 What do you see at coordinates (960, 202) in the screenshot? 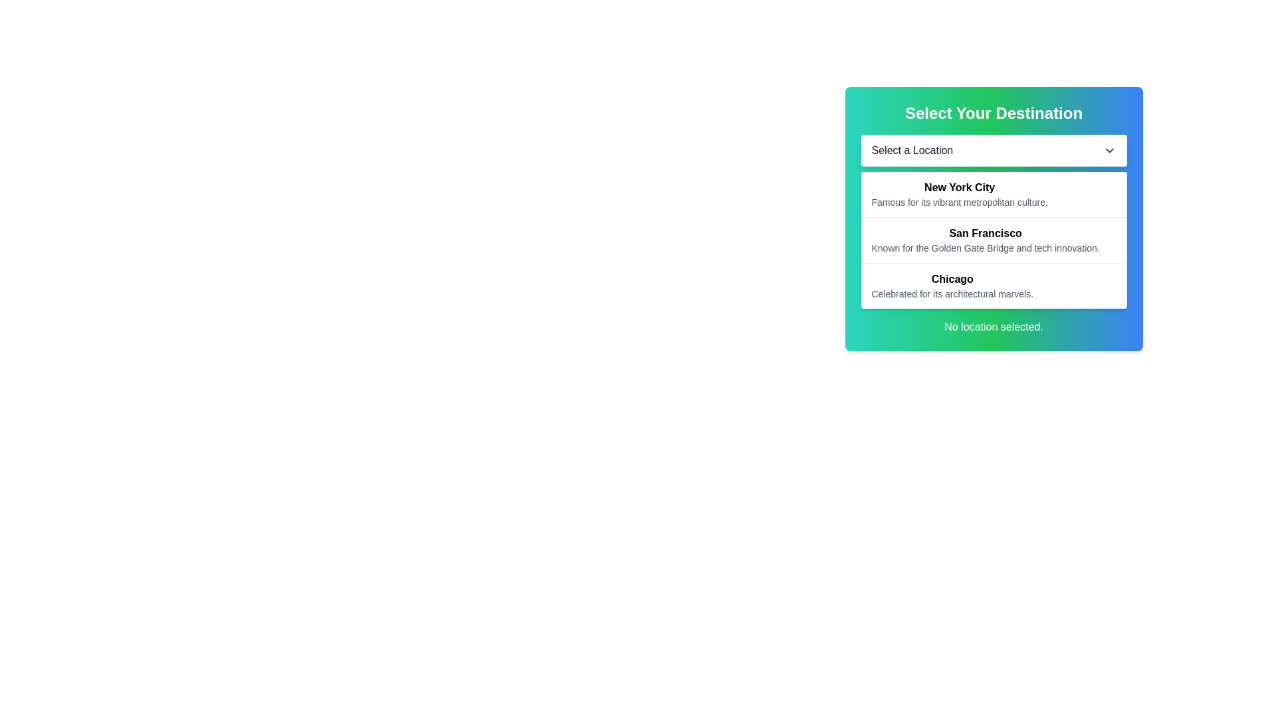
I see `text element that displays 'Famous for its vibrant metropolitan culture.' located beneath the bold title 'New York City' within the first option of the selection menu titled 'Select Your Destination'` at bounding box center [960, 202].